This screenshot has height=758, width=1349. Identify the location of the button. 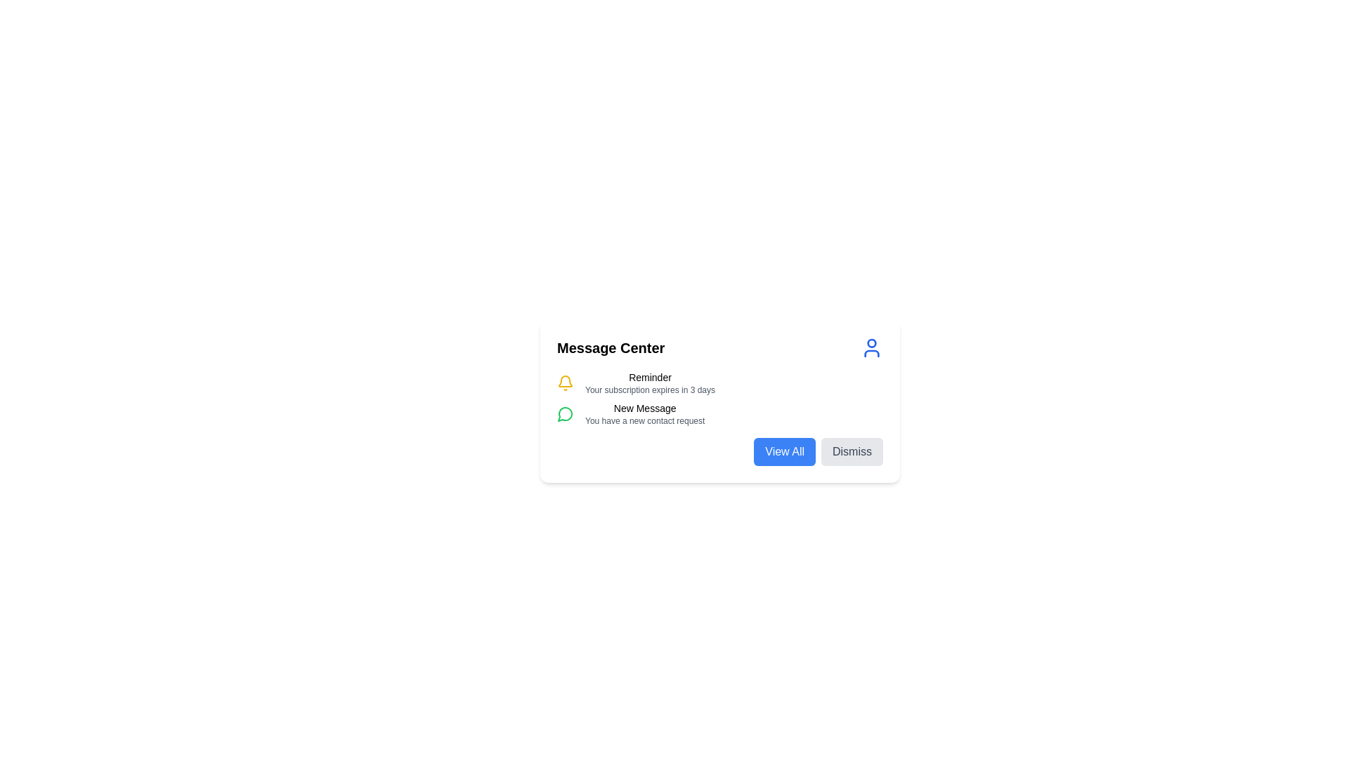
(784, 452).